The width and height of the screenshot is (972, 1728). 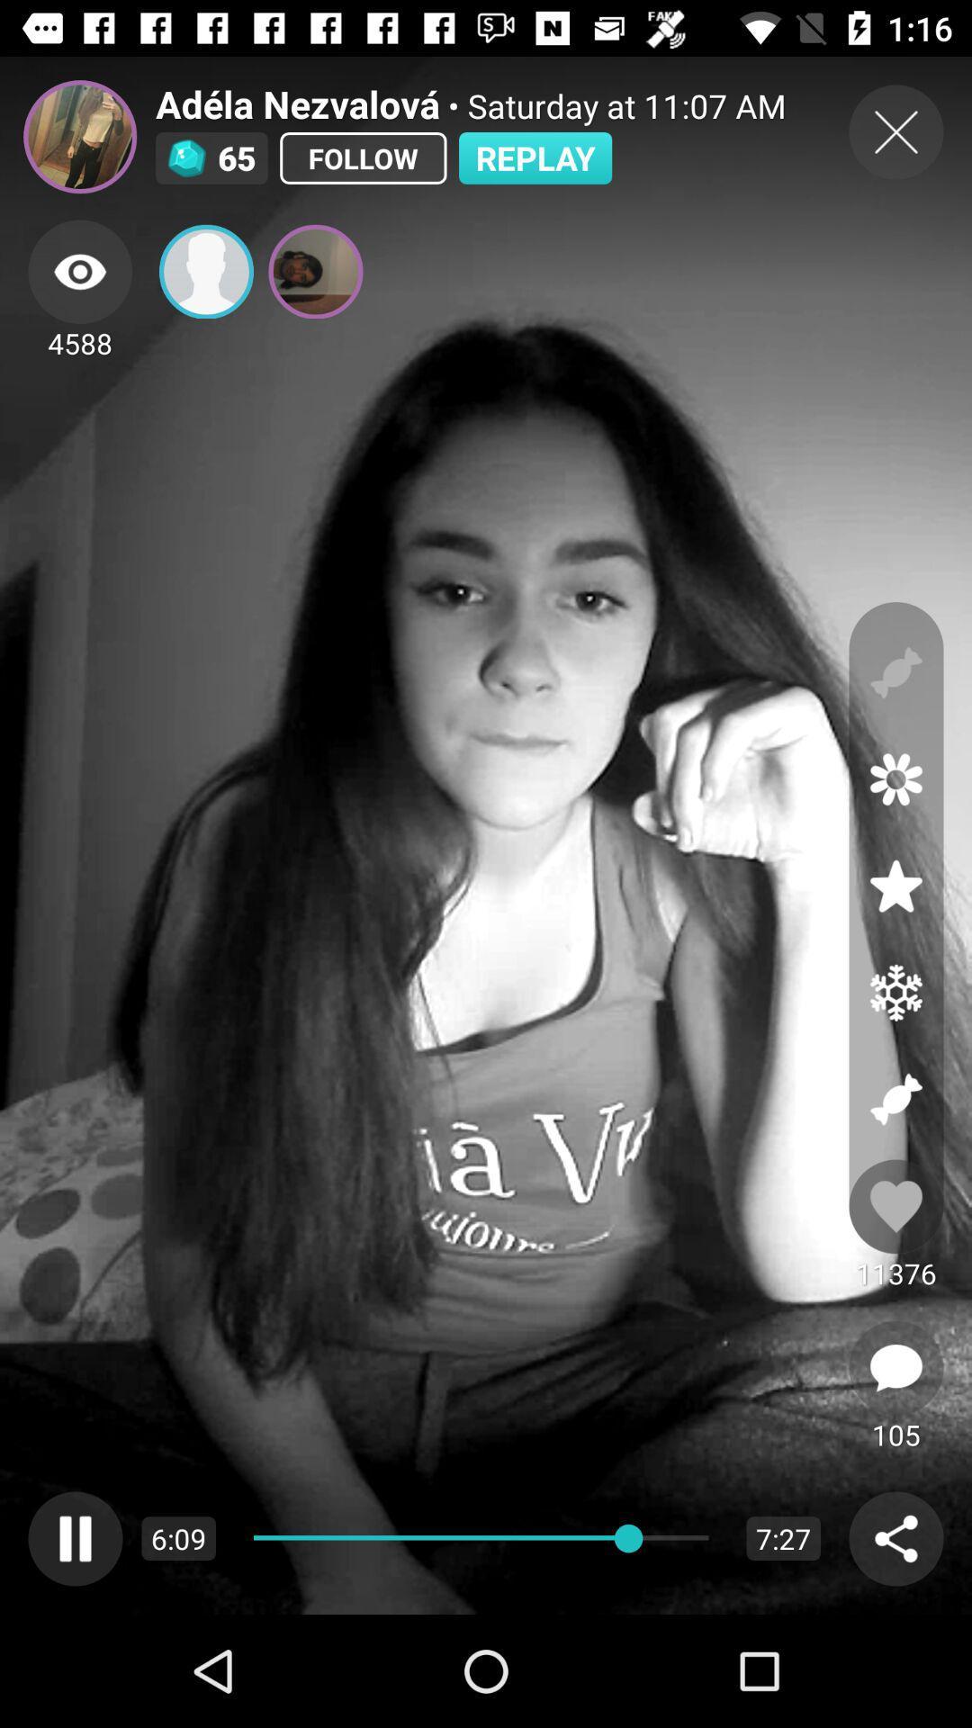 What do you see at coordinates (895, 131) in the screenshot?
I see `the close icon` at bounding box center [895, 131].